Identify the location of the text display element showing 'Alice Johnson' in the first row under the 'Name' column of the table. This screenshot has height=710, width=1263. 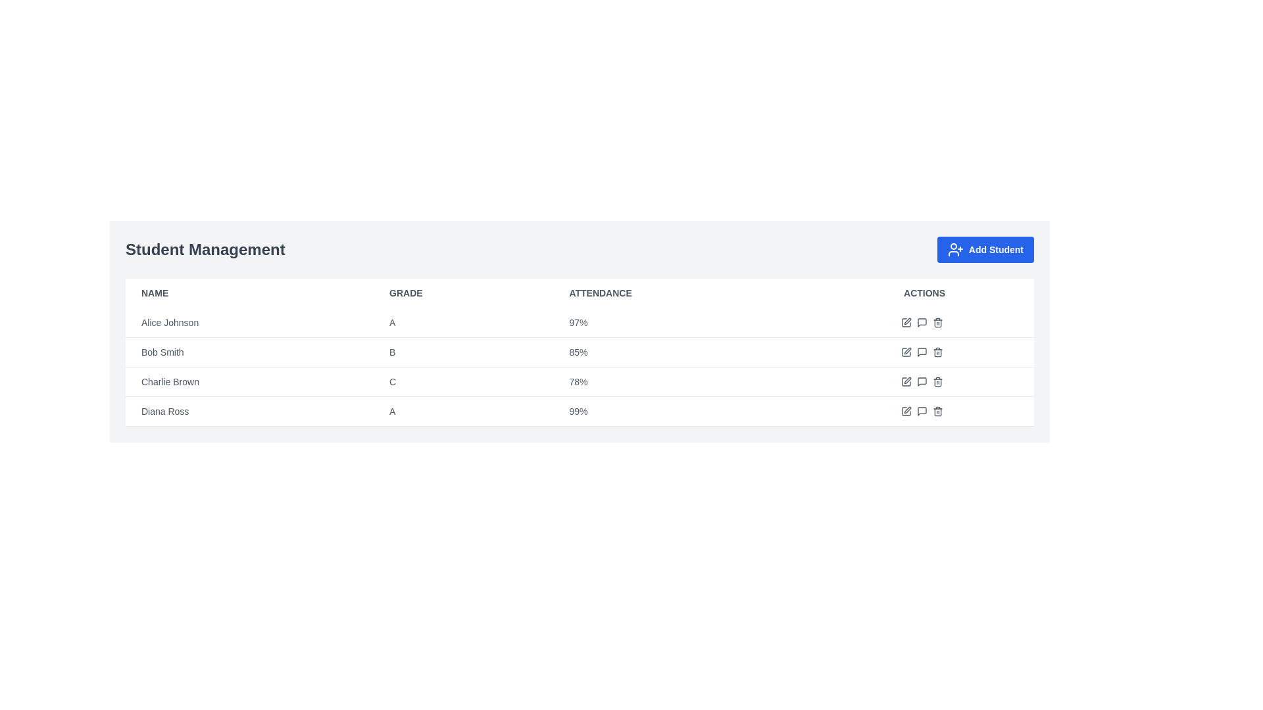
(169, 322).